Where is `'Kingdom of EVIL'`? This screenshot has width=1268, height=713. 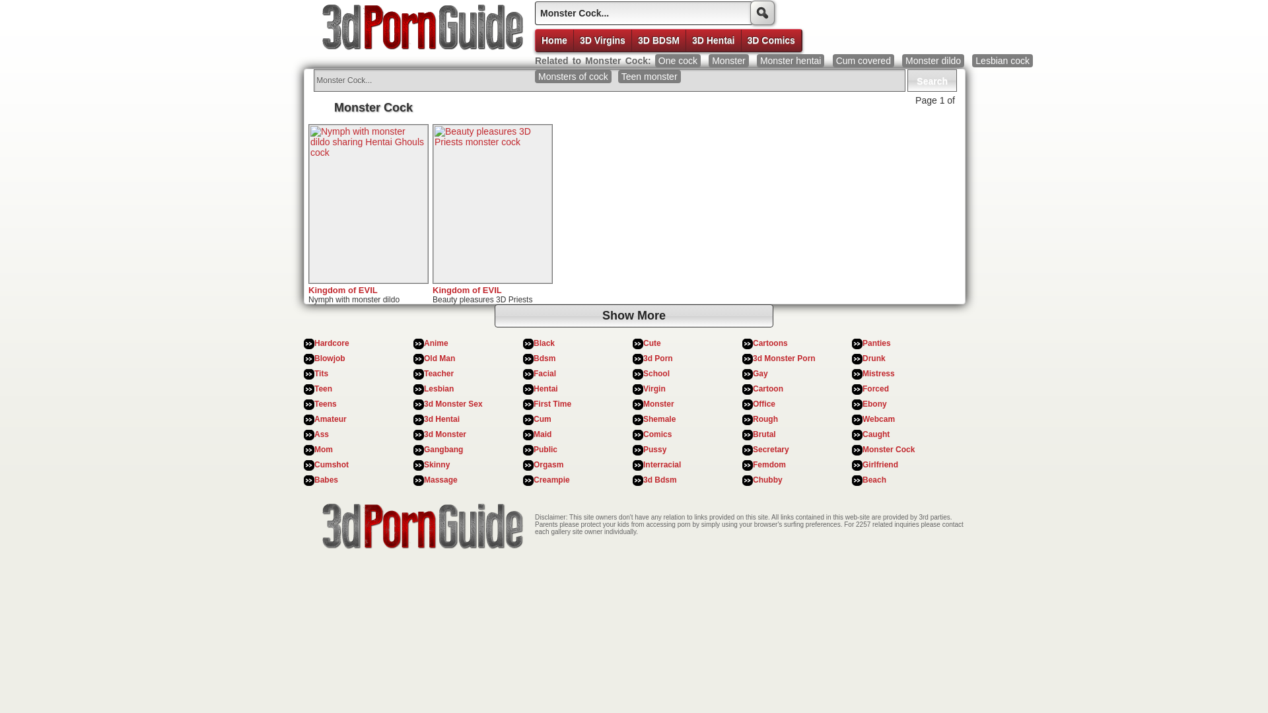 'Kingdom of EVIL' is located at coordinates (343, 289).